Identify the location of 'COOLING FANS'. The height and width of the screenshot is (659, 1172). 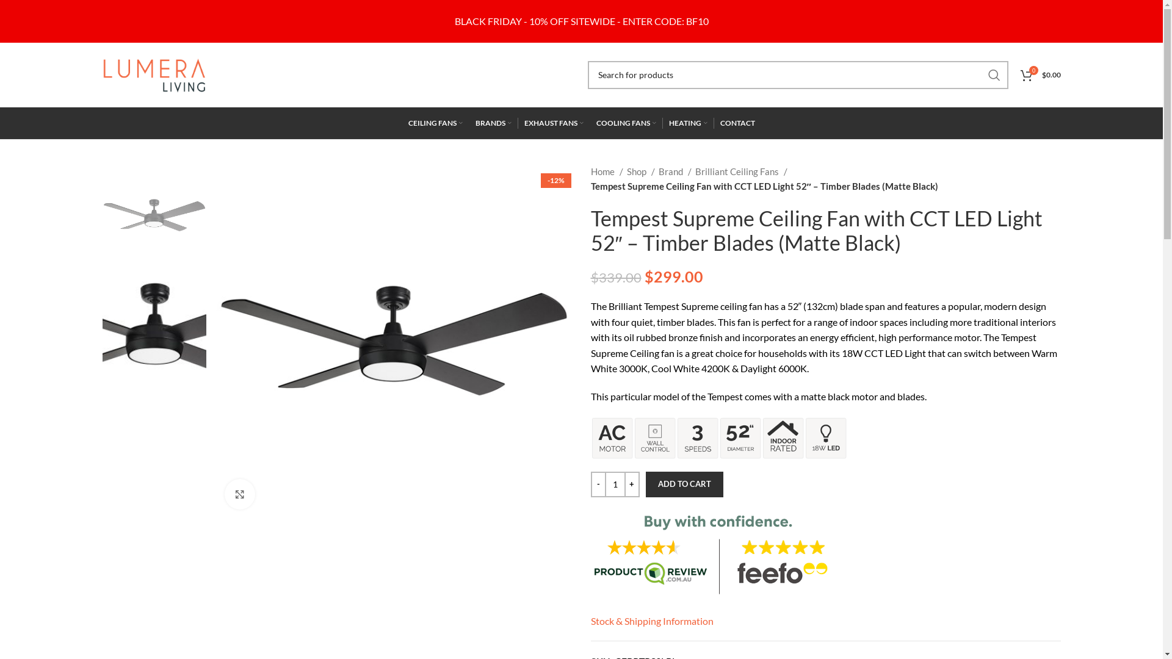
(626, 123).